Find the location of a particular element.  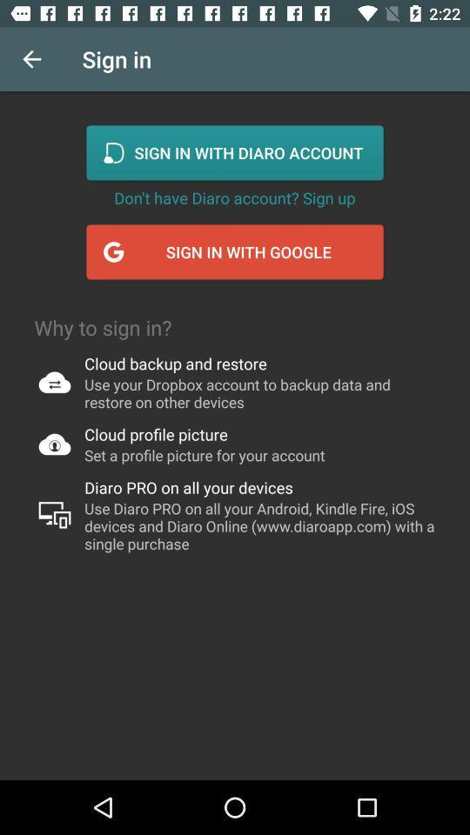

the green colored button below sign in is located at coordinates (235, 151).